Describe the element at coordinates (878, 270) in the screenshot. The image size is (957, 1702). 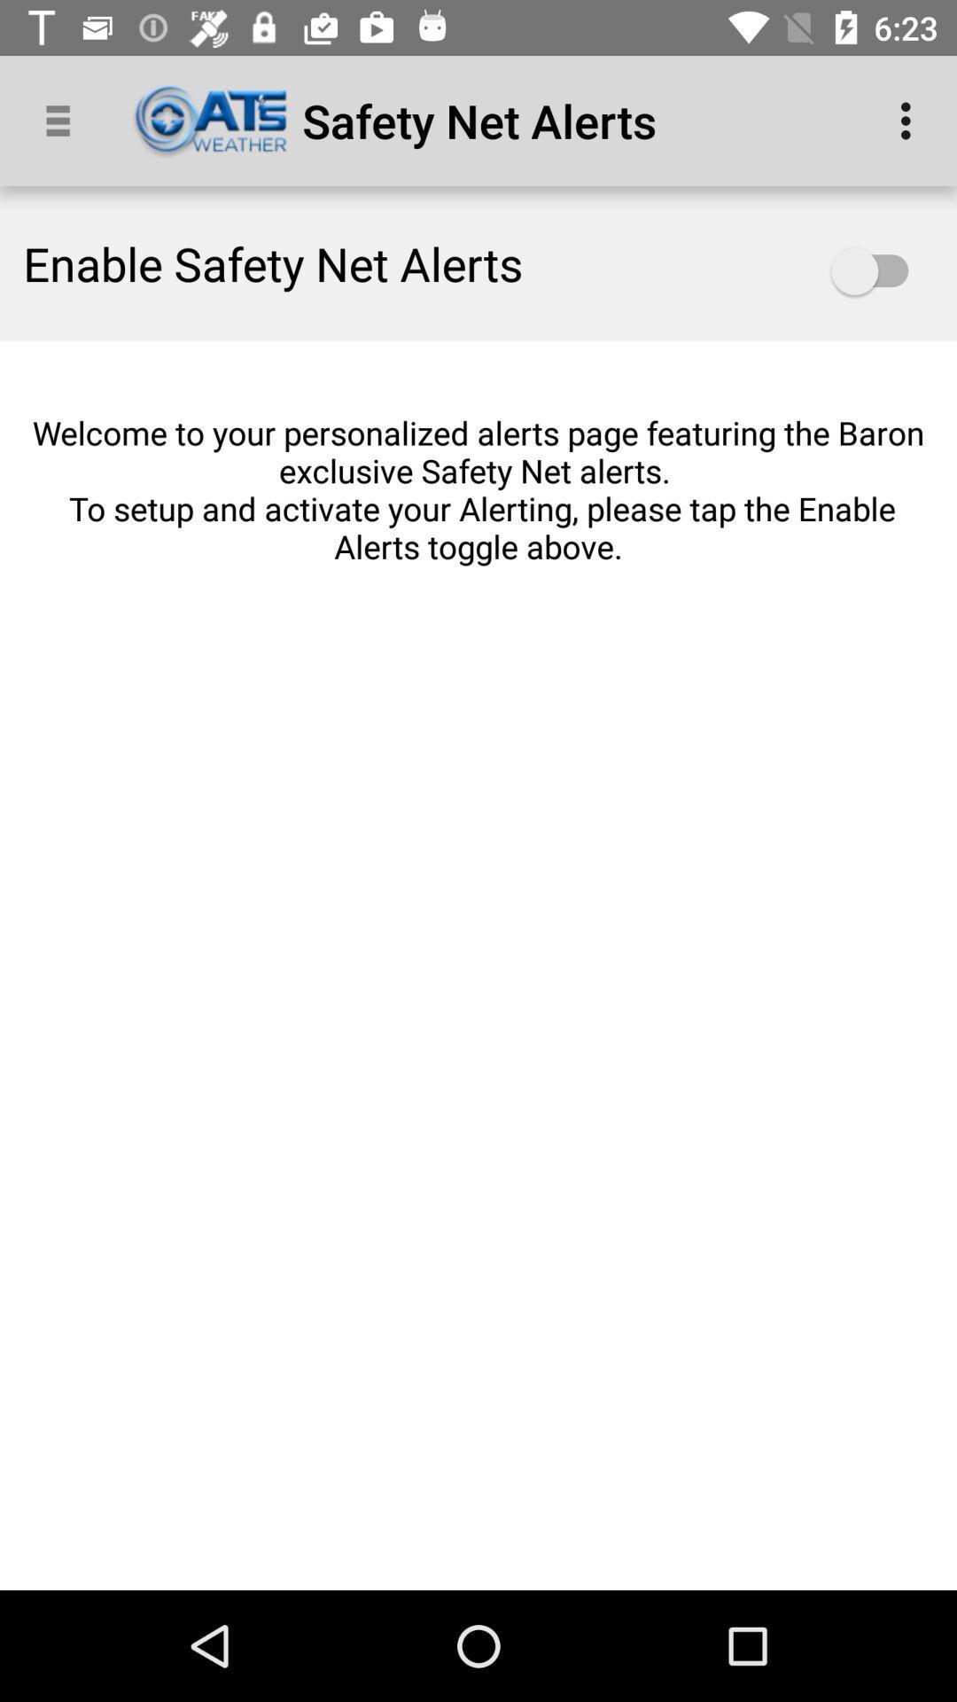
I see `weather-safety alerts` at that location.